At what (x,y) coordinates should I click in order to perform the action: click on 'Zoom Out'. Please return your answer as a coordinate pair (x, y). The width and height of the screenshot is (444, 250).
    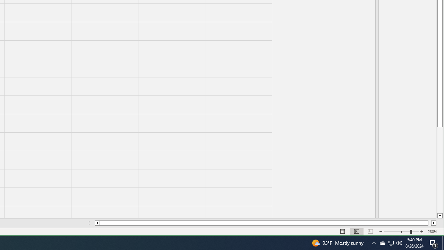
    Looking at the image, I should click on (397, 232).